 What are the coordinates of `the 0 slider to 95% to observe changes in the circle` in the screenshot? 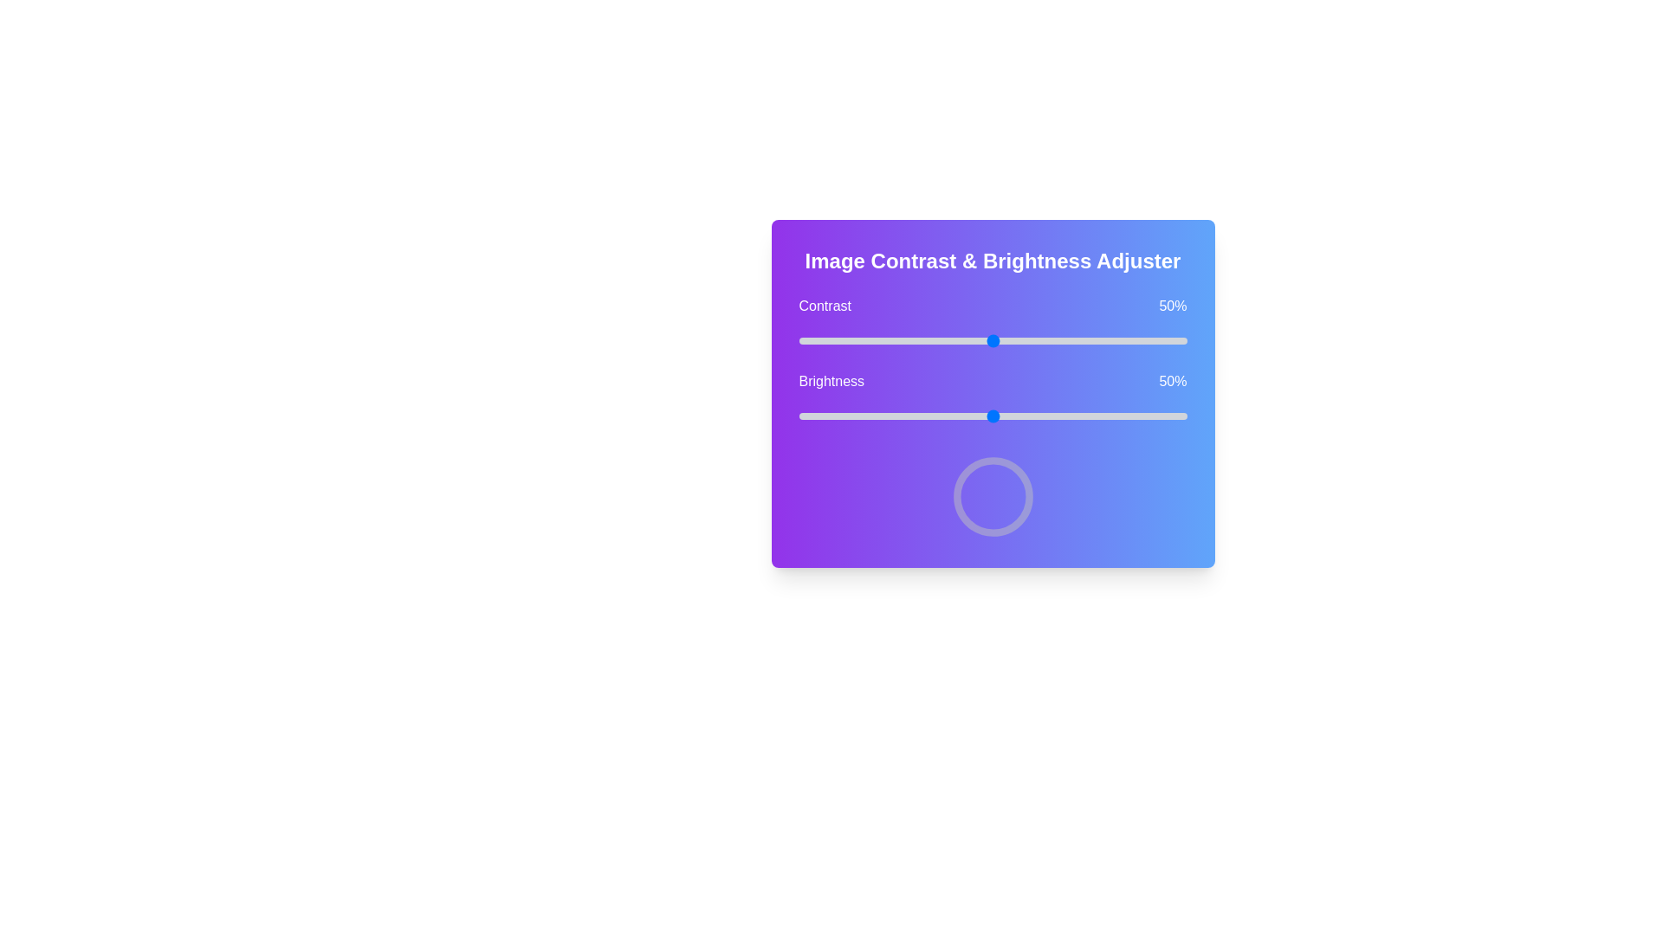 It's located at (1168, 340).